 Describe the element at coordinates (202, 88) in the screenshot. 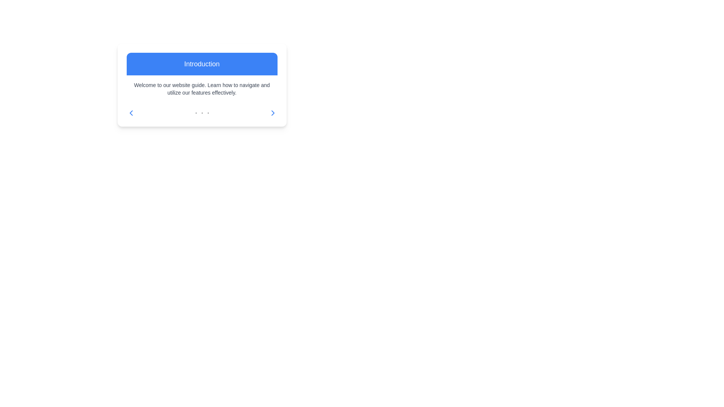

I see `instructional text block that says 'Welcome to our website guide. Learn how to navigate and utilize our features effectively.' located below the blue header labeled 'Introduction'` at that location.